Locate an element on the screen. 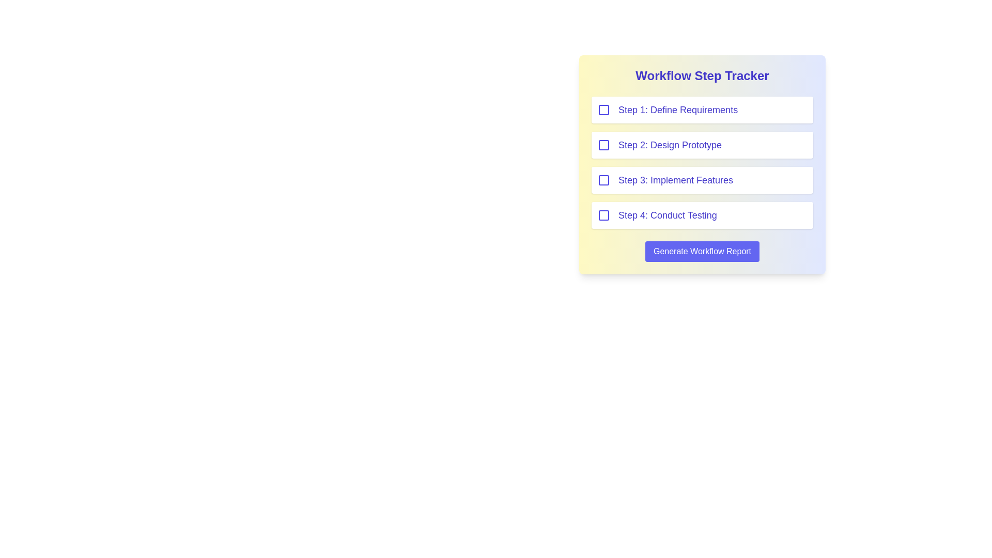  the text label indicating the fourth step in the workflow process, which is located in a white box with rounded corners on the right side of the interface is located at coordinates (668, 214).